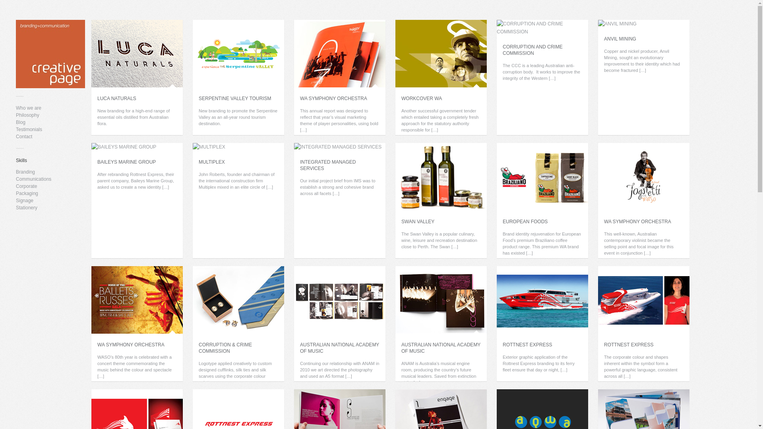  What do you see at coordinates (21, 122) in the screenshot?
I see `'Blog'` at bounding box center [21, 122].